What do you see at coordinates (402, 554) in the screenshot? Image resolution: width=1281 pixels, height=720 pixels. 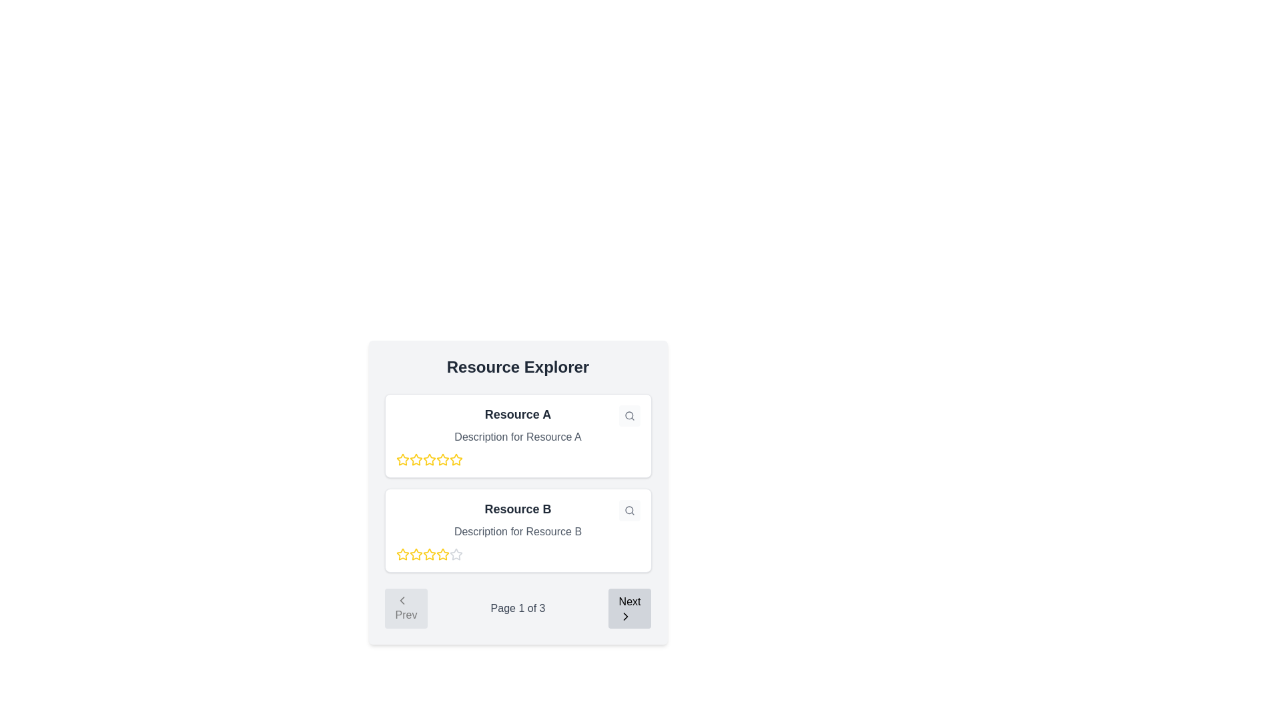 I see `the first star icon in the rating interface of the 'Resource B' card` at bounding box center [402, 554].